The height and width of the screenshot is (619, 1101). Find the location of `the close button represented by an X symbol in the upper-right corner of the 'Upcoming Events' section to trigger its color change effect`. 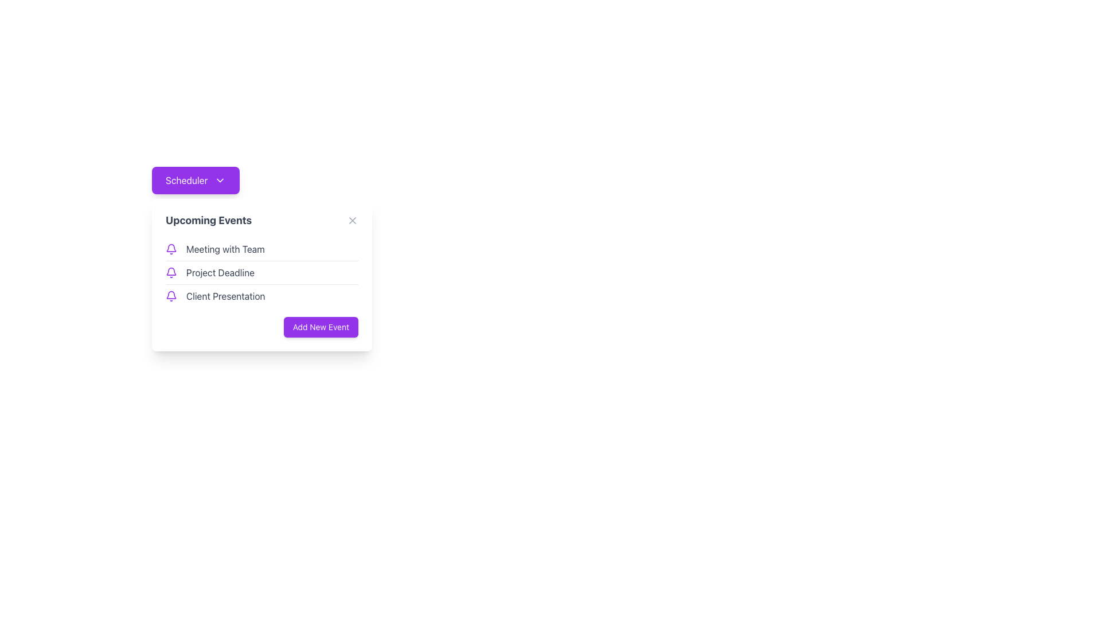

the close button represented by an X symbol in the upper-right corner of the 'Upcoming Events' section to trigger its color change effect is located at coordinates (352, 221).